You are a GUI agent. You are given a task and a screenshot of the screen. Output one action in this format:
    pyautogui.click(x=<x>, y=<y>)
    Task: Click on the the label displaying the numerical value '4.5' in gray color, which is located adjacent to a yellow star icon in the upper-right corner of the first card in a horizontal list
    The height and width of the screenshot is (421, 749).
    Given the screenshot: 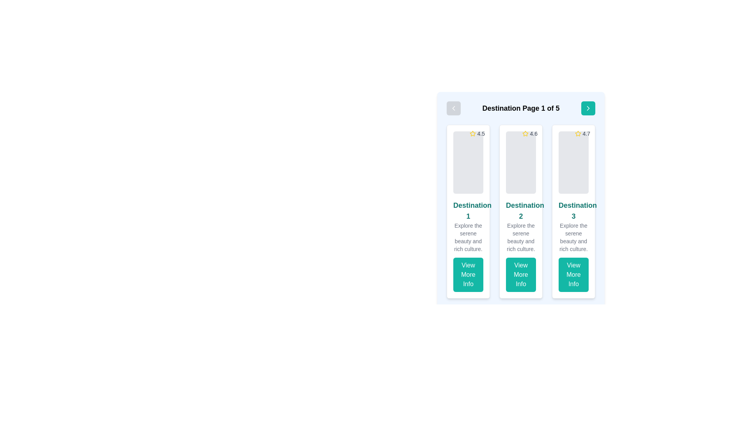 What is the action you would take?
    pyautogui.click(x=481, y=133)
    